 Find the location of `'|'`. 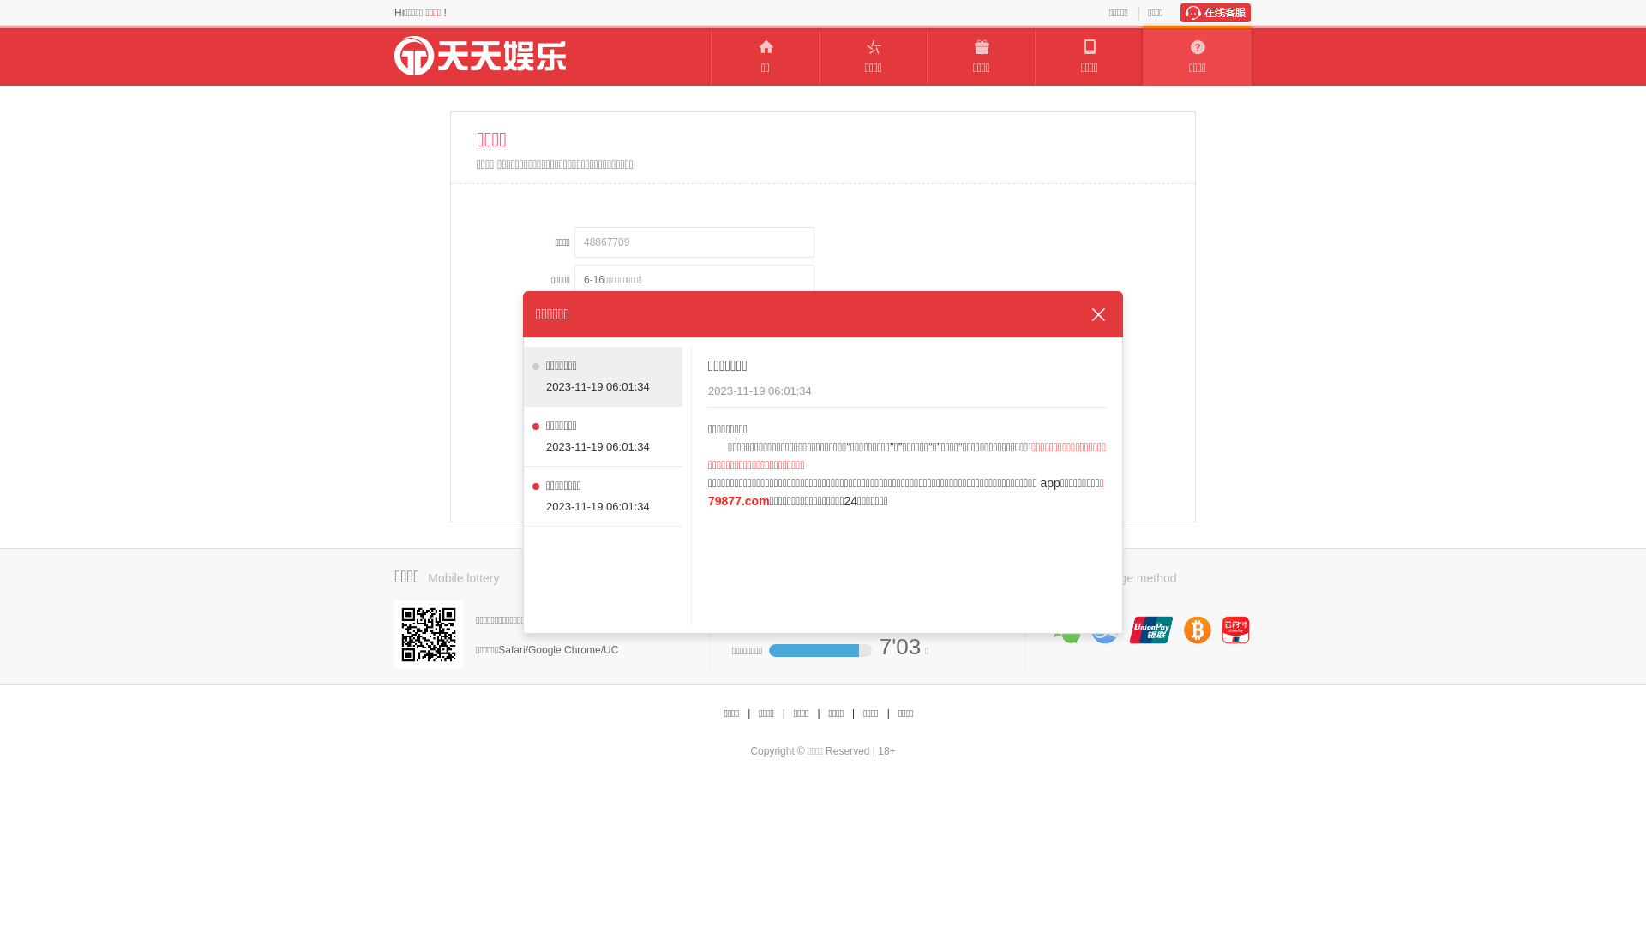

'|' is located at coordinates (748, 713).